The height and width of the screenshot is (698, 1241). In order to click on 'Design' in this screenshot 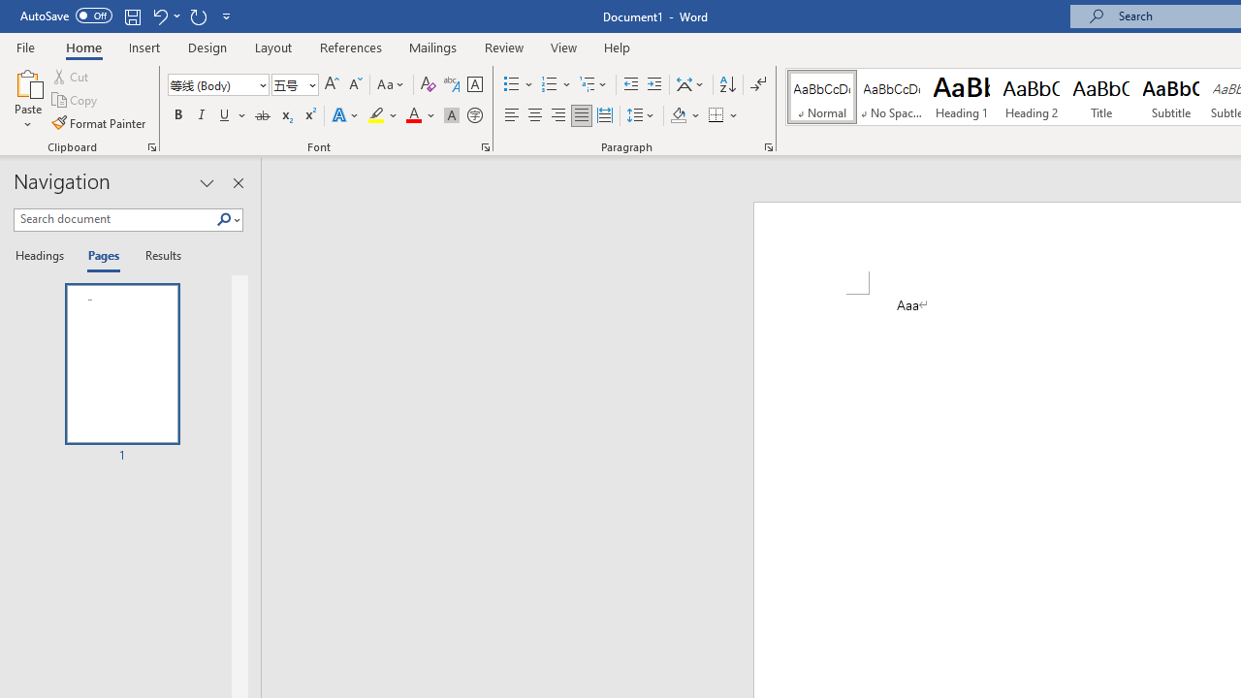, I will do `click(207, 47)`.